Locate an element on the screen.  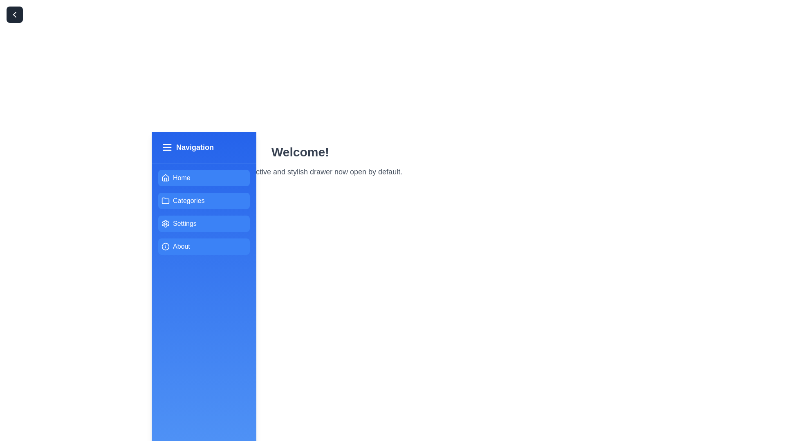
the left-pointing chevron icon within the button located at the top-left corner of the layout is located at coordinates (14, 14).